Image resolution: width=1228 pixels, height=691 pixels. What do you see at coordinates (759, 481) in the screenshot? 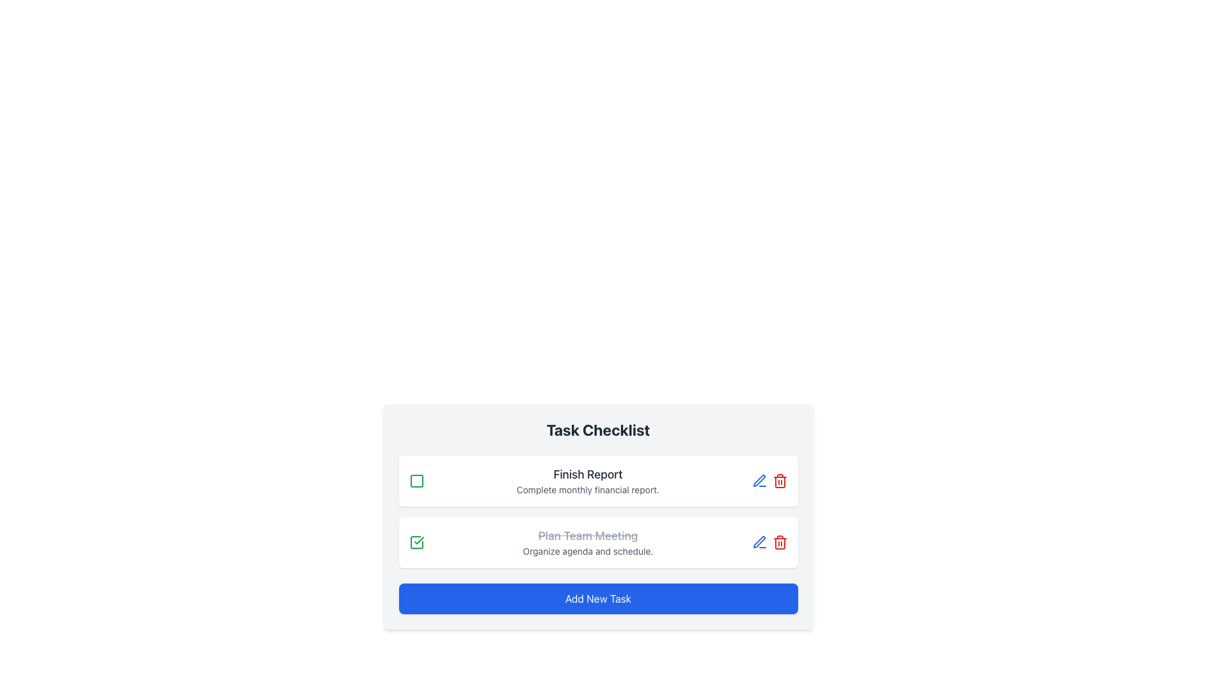
I see `the blue pen icon, which represents the edit button for the second task 'Plan Team Meeting', to initiate editing` at bounding box center [759, 481].